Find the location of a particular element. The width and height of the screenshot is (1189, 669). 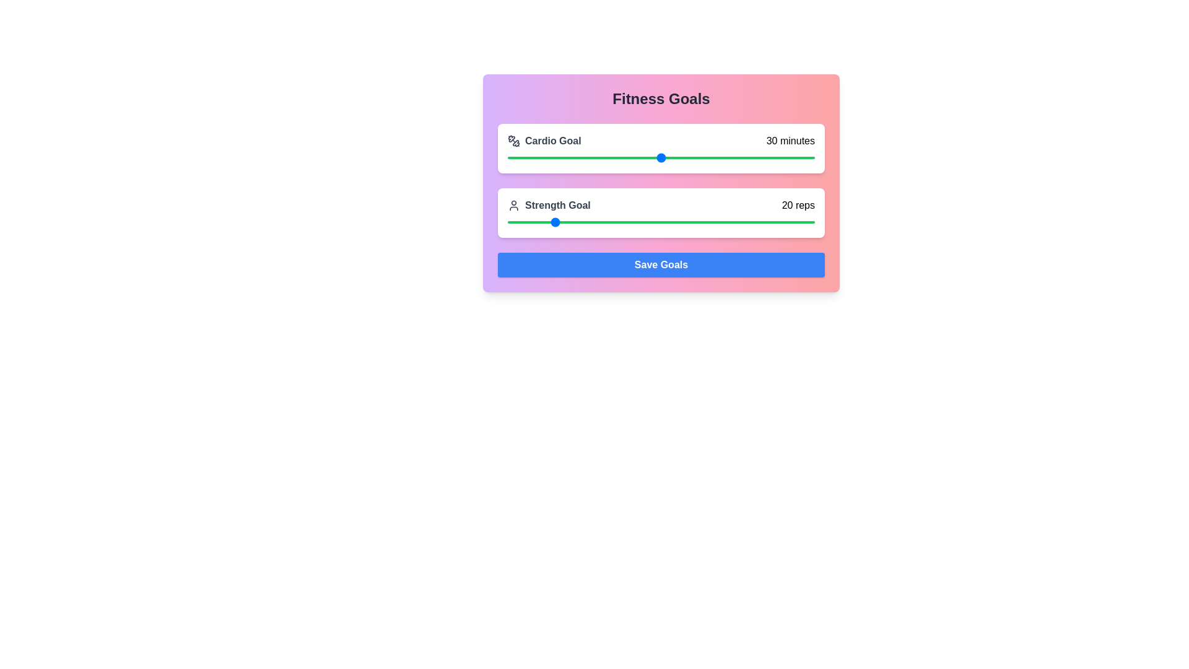

the small iconographic representation of two crossing dumbbells located to the left of the 'Cardio Goal' text in the header of the first section is located at coordinates (514, 140).